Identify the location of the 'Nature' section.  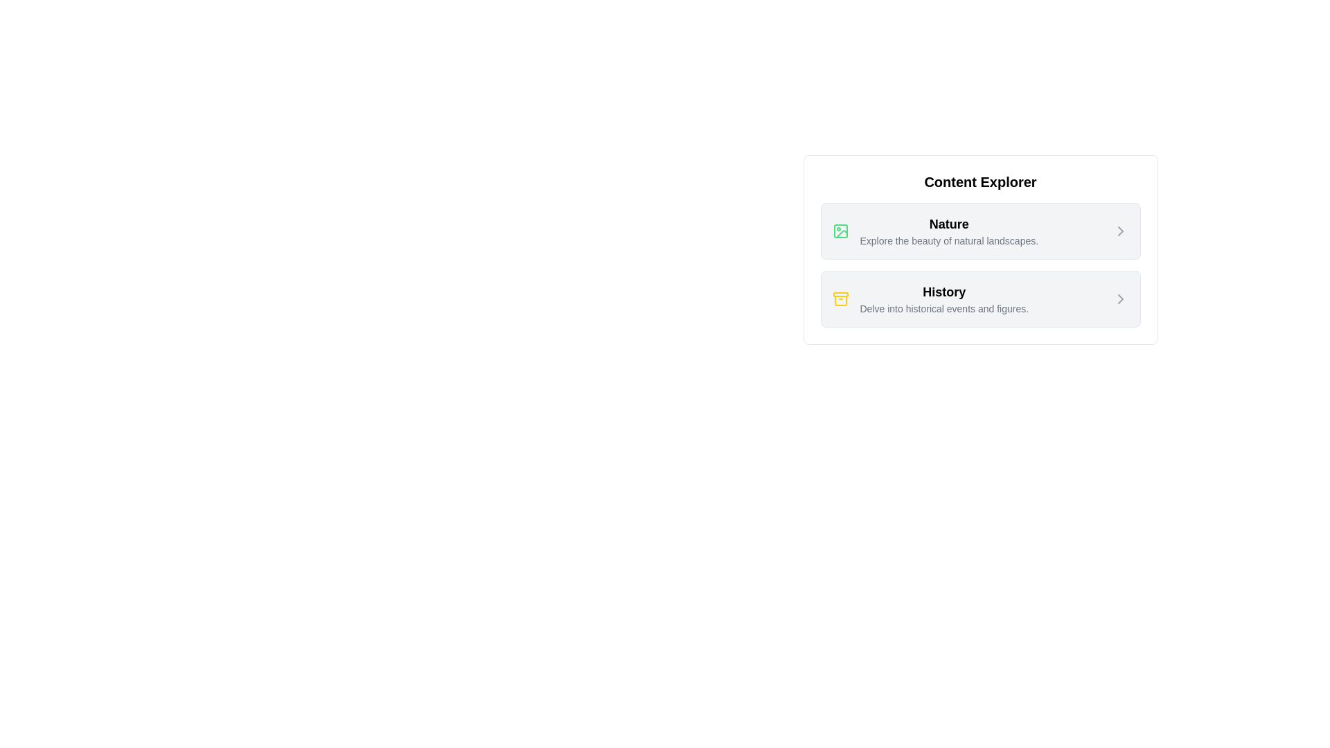
(934, 231).